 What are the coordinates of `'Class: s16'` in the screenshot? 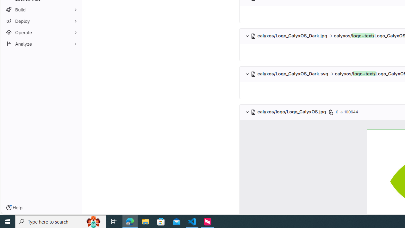 It's located at (253, 112).